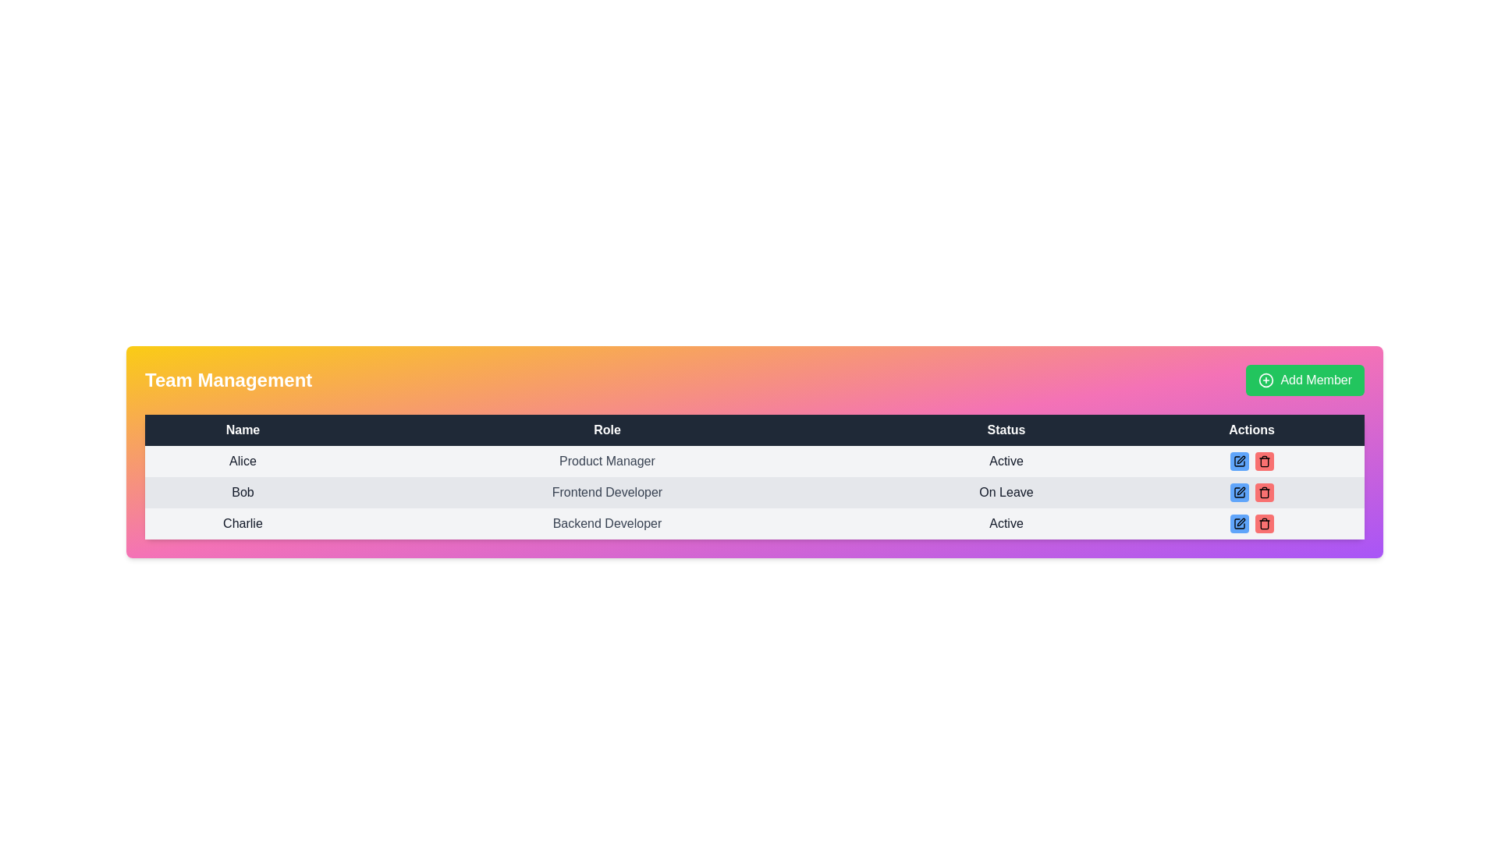 This screenshot has height=842, width=1498. I want to click on the 'Add Member' button located at the top-right corner of the team management interface, which contains the decorative icon, so click(1266, 380).